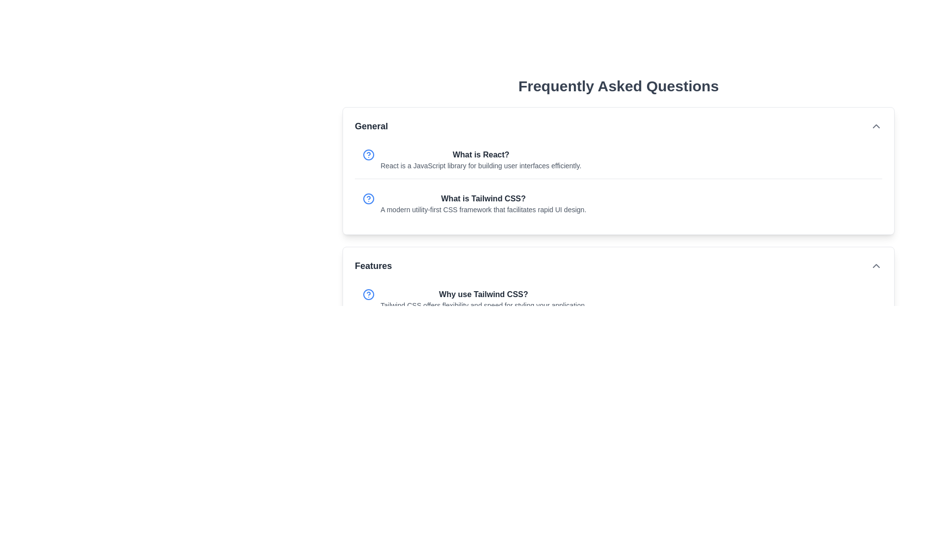 This screenshot has width=949, height=533. Describe the element at coordinates (483, 198) in the screenshot. I see `the second FAQ question header in the General category` at that location.